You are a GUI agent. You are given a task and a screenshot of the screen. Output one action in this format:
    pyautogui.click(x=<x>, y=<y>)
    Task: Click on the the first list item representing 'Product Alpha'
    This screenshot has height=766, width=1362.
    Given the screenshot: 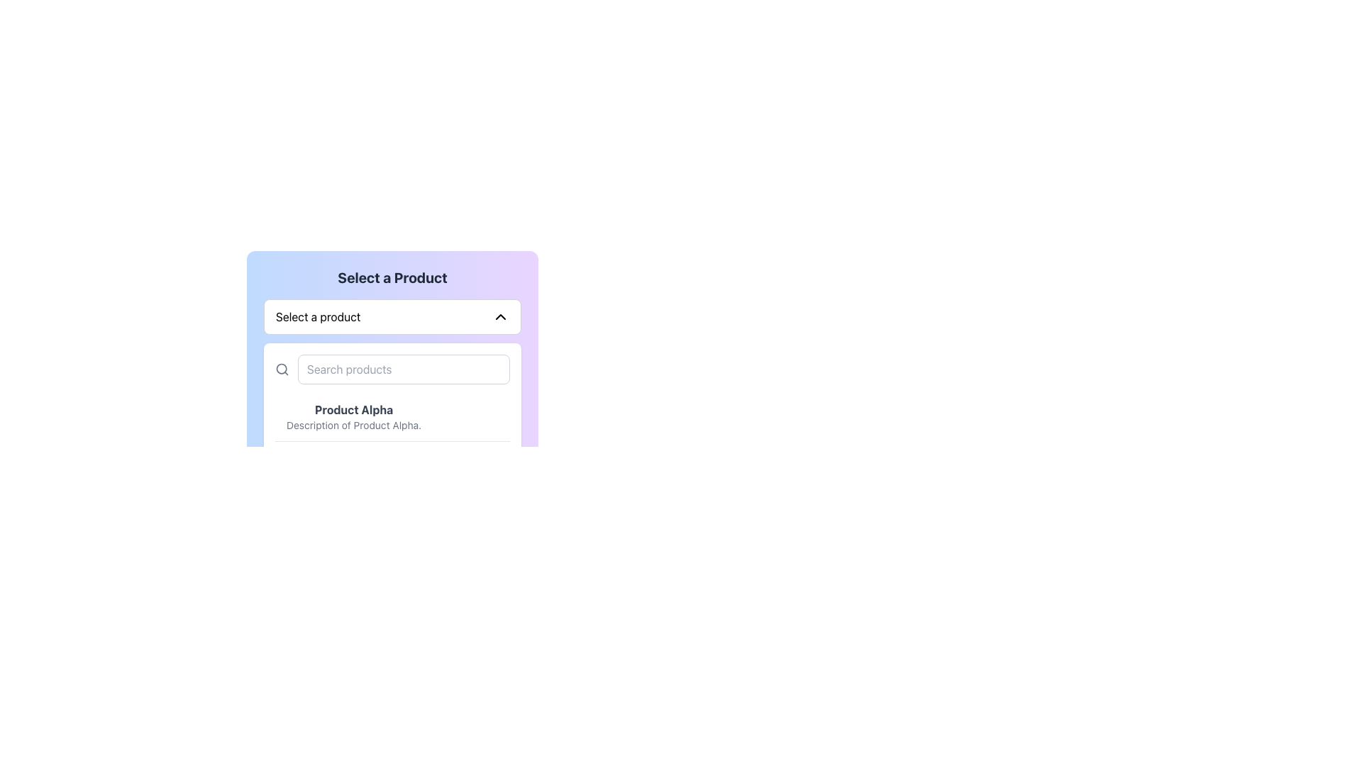 What is the action you would take?
    pyautogui.click(x=392, y=416)
    